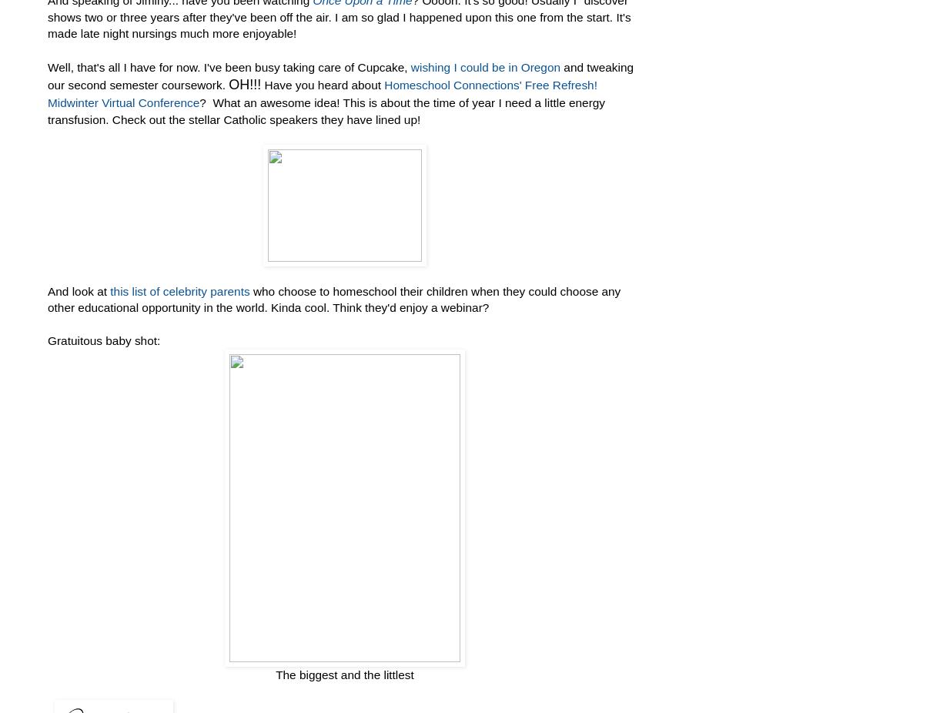 This screenshot has height=713, width=930. What do you see at coordinates (333, 299) in the screenshot?
I see `'who choose to homeschool their children when they could choose any other educational opportunity in the world. Kinda cool. Think they'd enjoy a webinar?'` at bounding box center [333, 299].